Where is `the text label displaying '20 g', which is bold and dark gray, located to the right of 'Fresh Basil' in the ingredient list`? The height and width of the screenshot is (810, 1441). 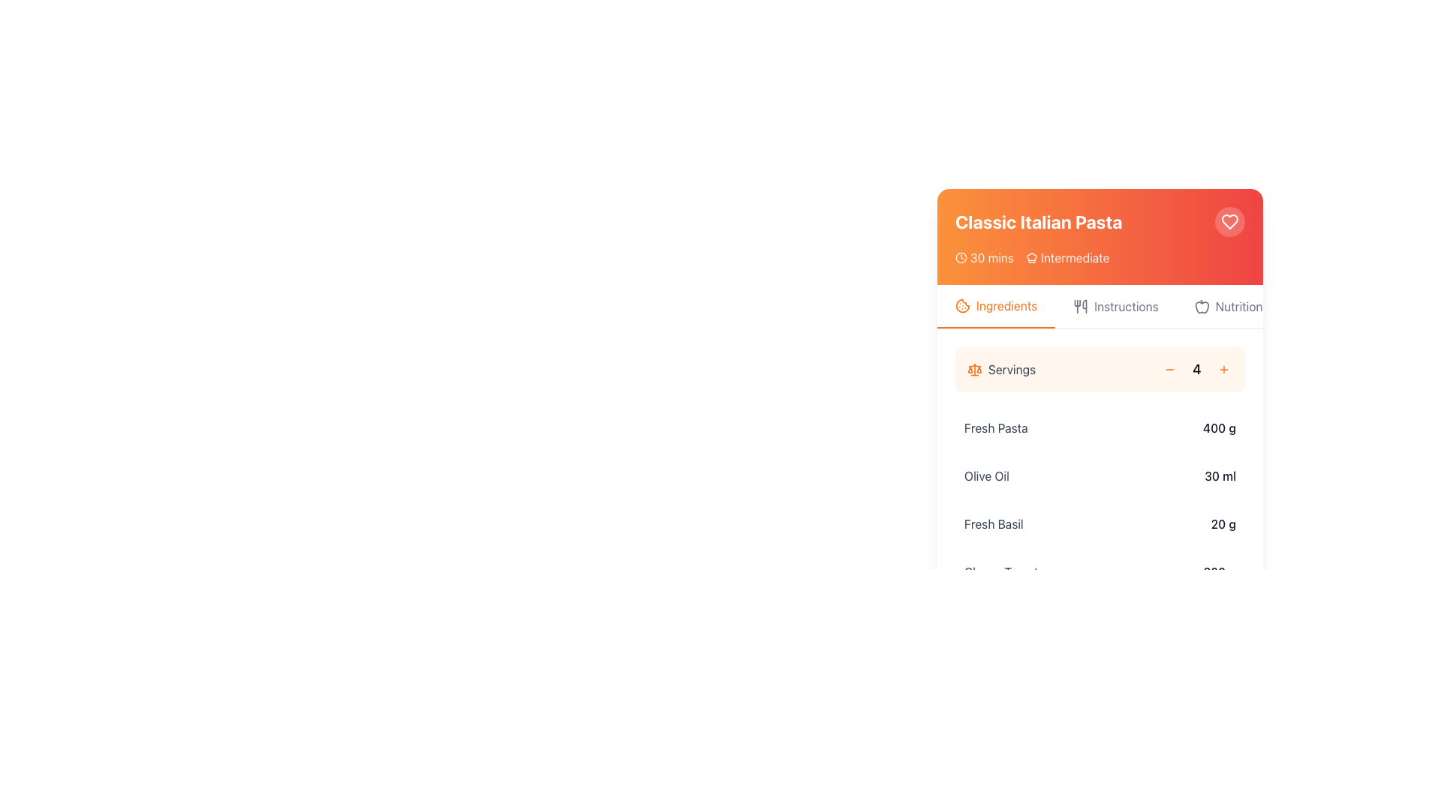 the text label displaying '20 g', which is bold and dark gray, located to the right of 'Fresh Basil' in the ingredient list is located at coordinates (1223, 523).